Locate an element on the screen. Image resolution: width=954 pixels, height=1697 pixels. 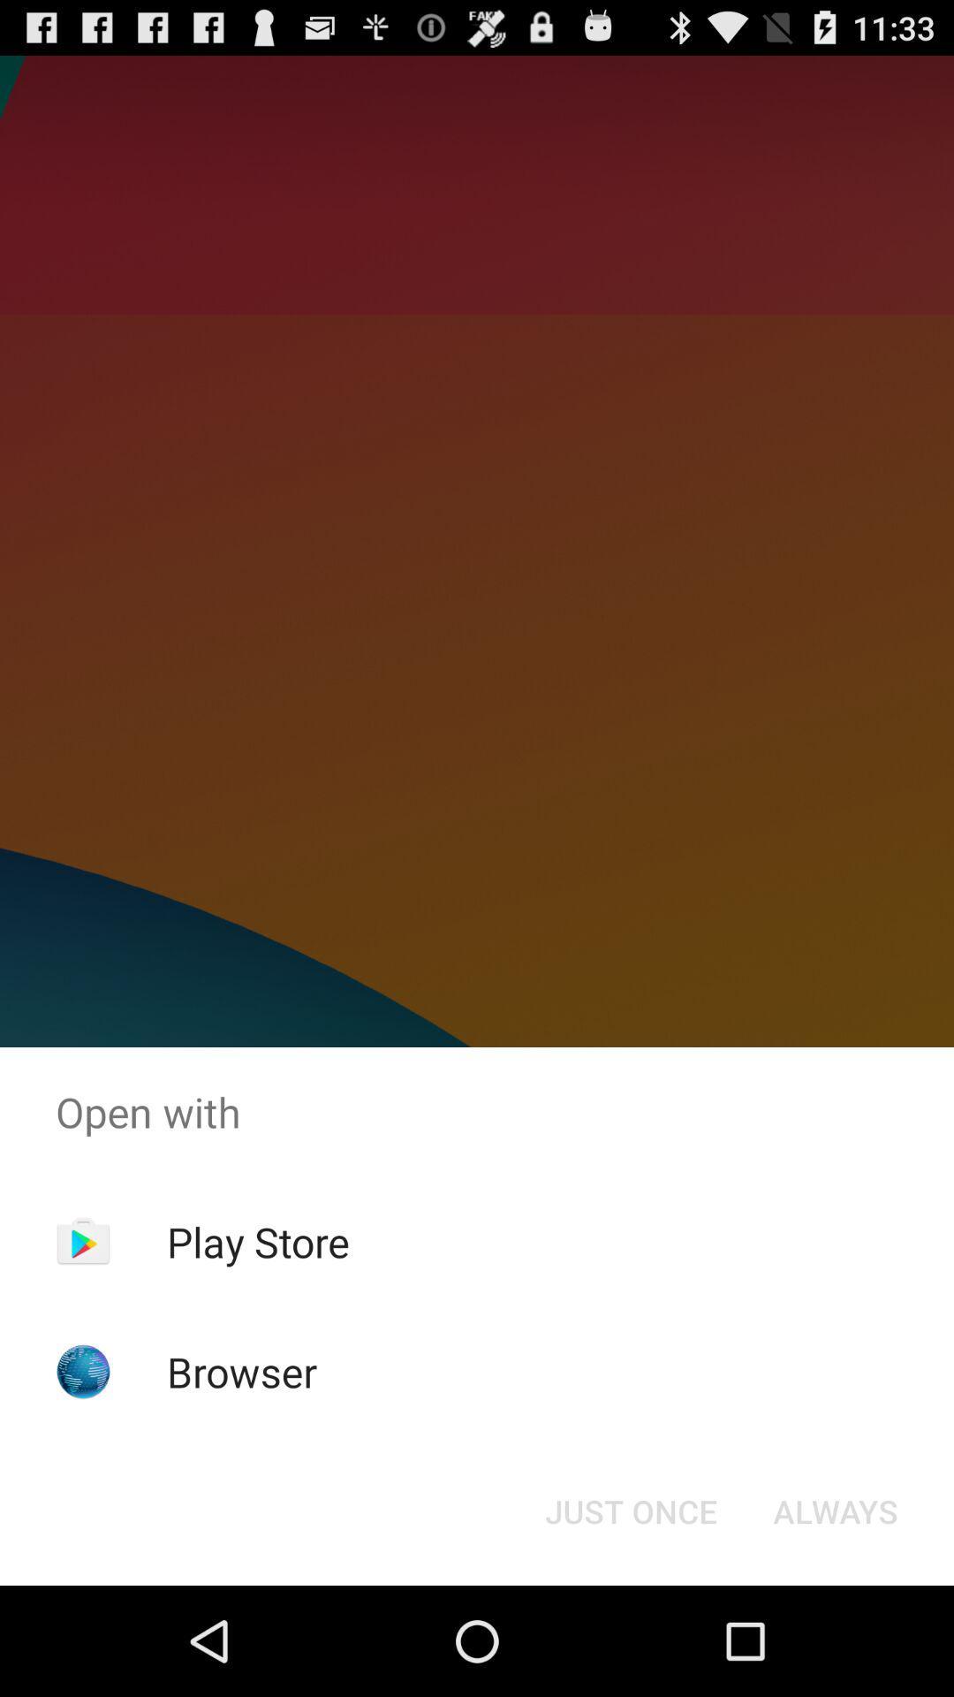
always button is located at coordinates (835, 1510).